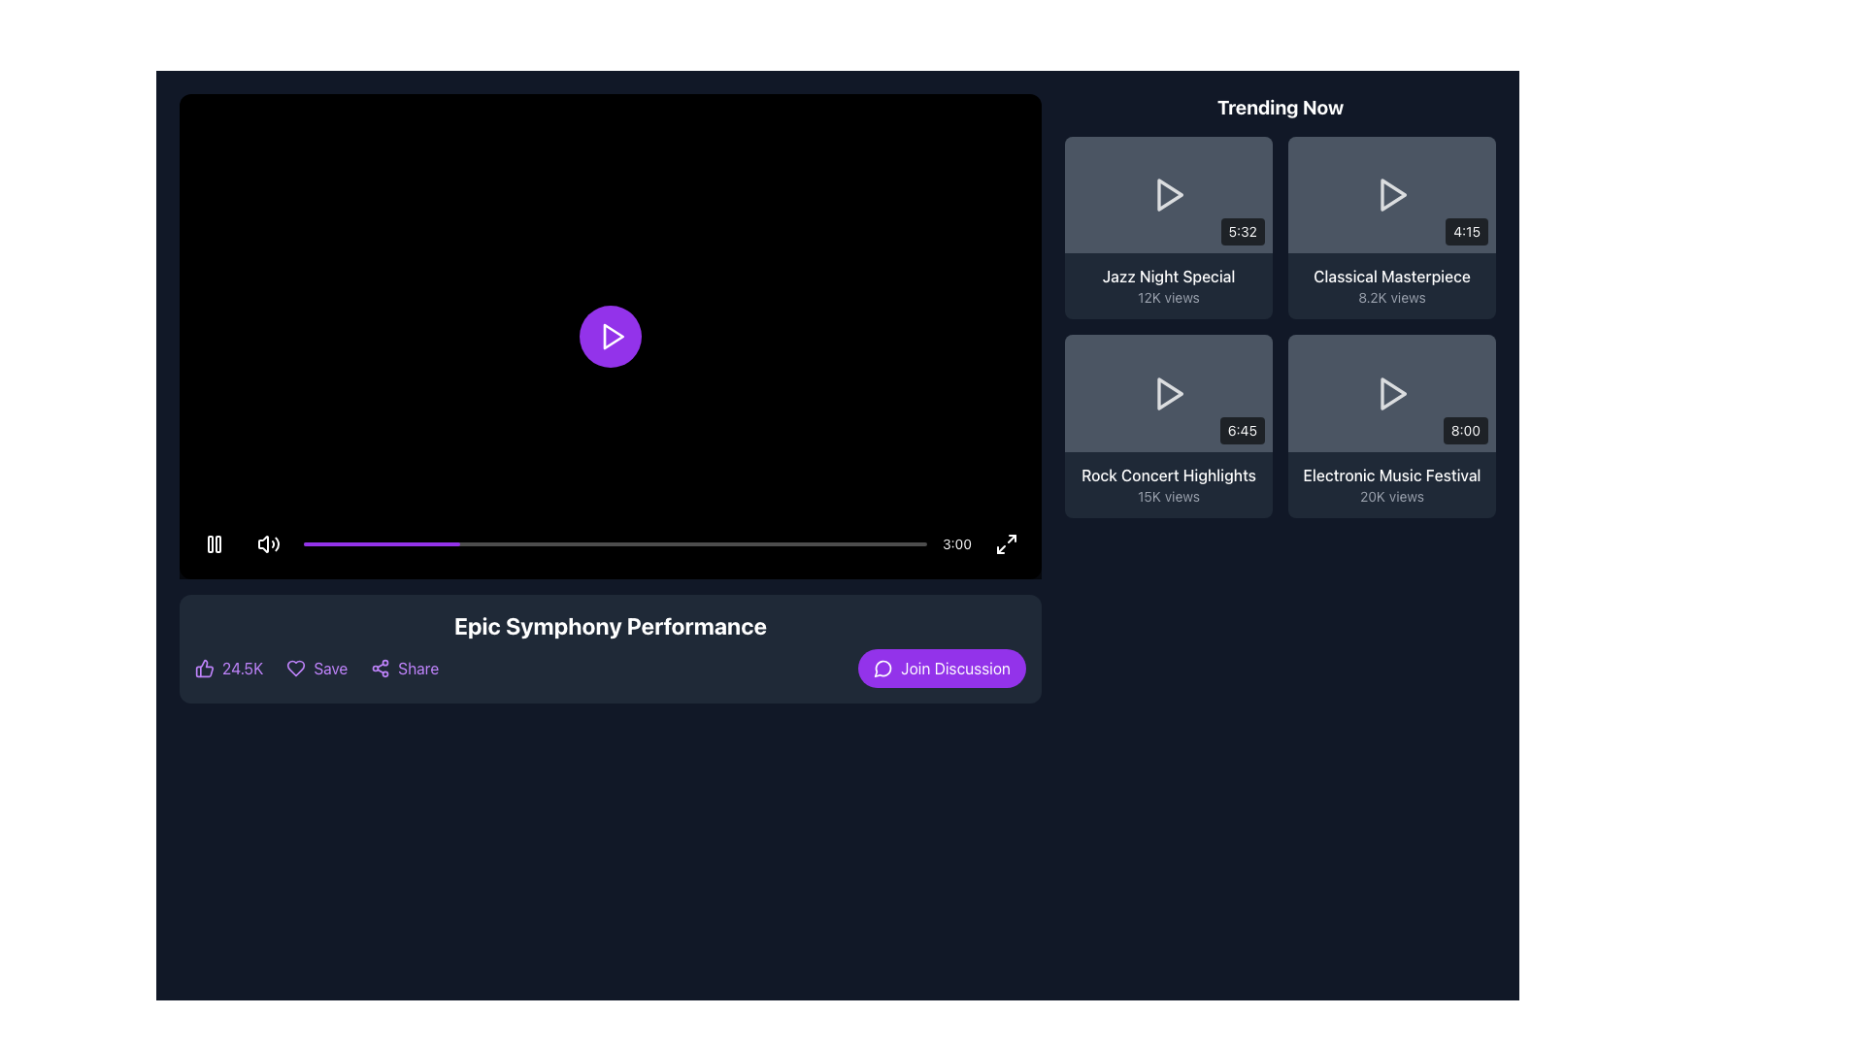  I want to click on the video preview button for 'Electronic Music Festival' located in the bottom-right of the 'Trending Now' grid to initiate a preview, so click(1391, 393).